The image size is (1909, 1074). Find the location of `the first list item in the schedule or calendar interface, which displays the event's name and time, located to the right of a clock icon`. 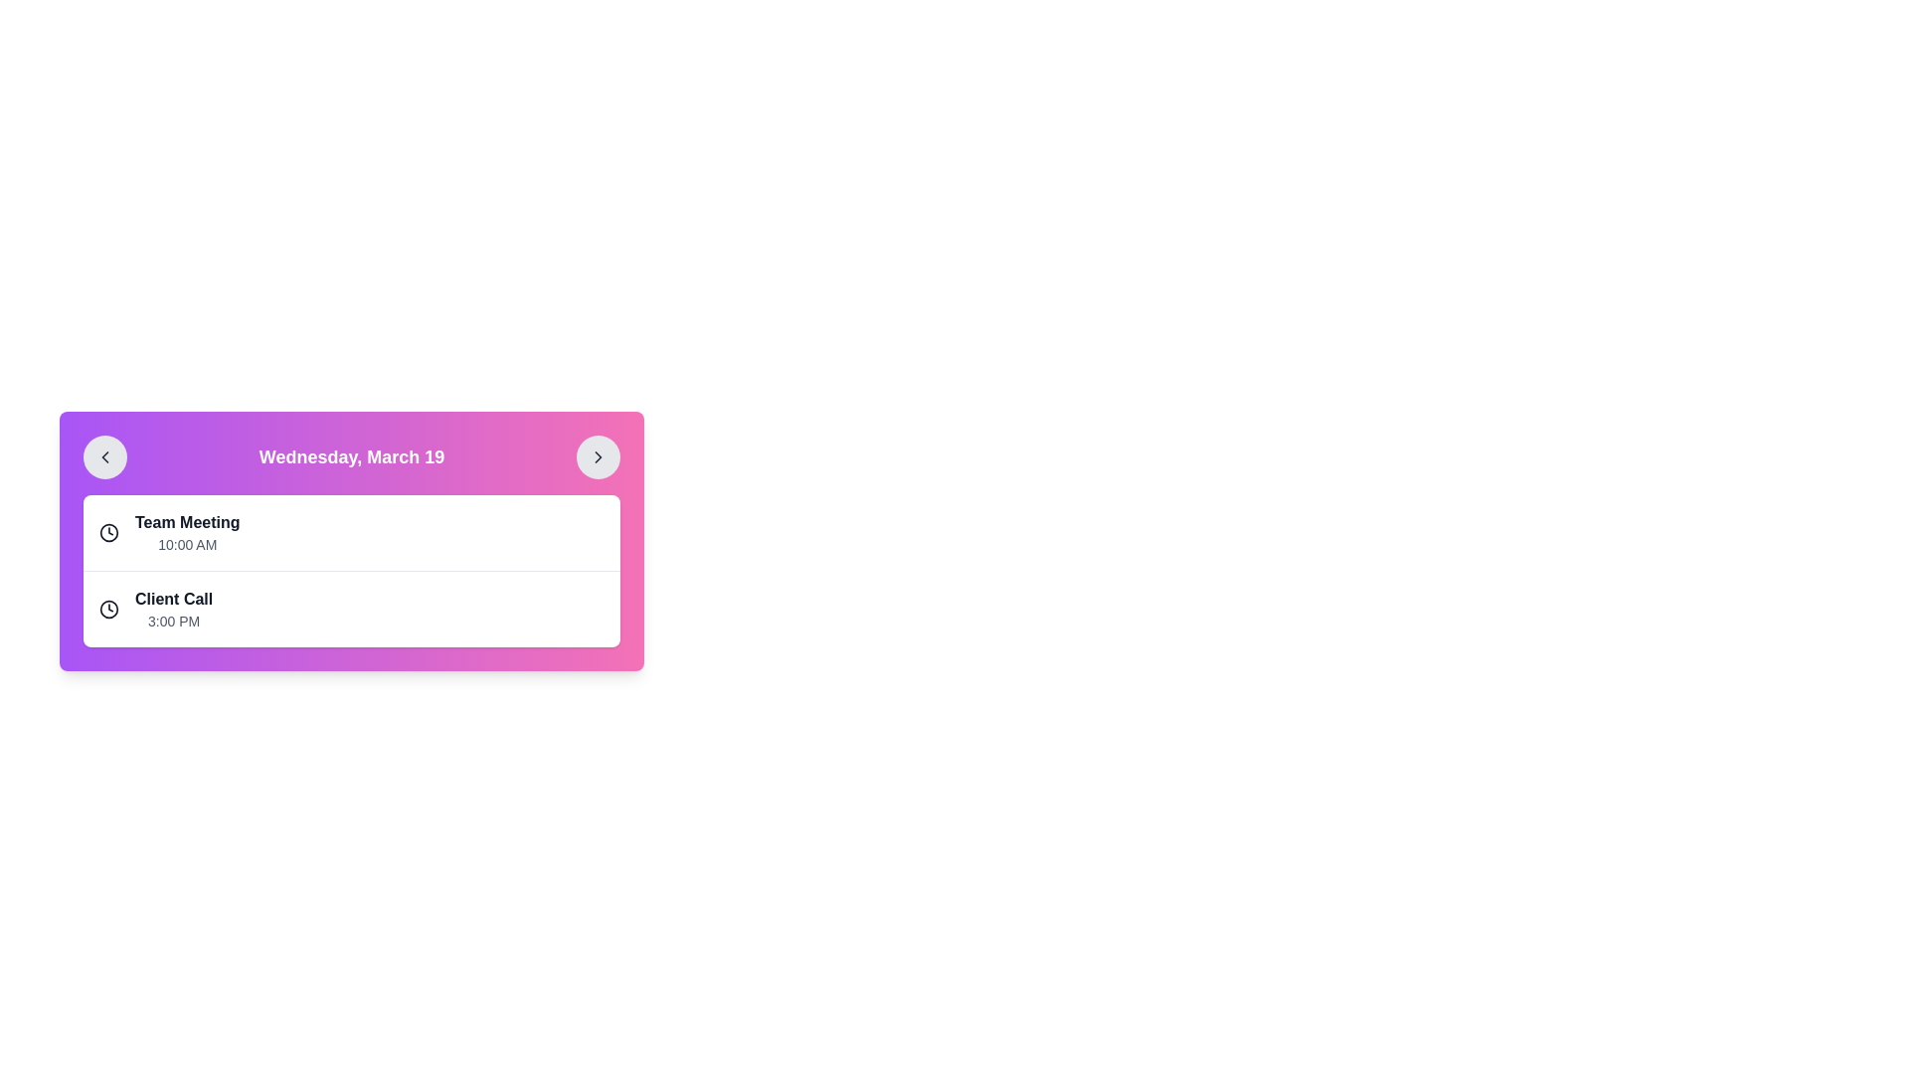

the first list item in the schedule or calendar interface, which displays the event's name and time, located to the right of a clock icon is located at coordinates (187, 532).